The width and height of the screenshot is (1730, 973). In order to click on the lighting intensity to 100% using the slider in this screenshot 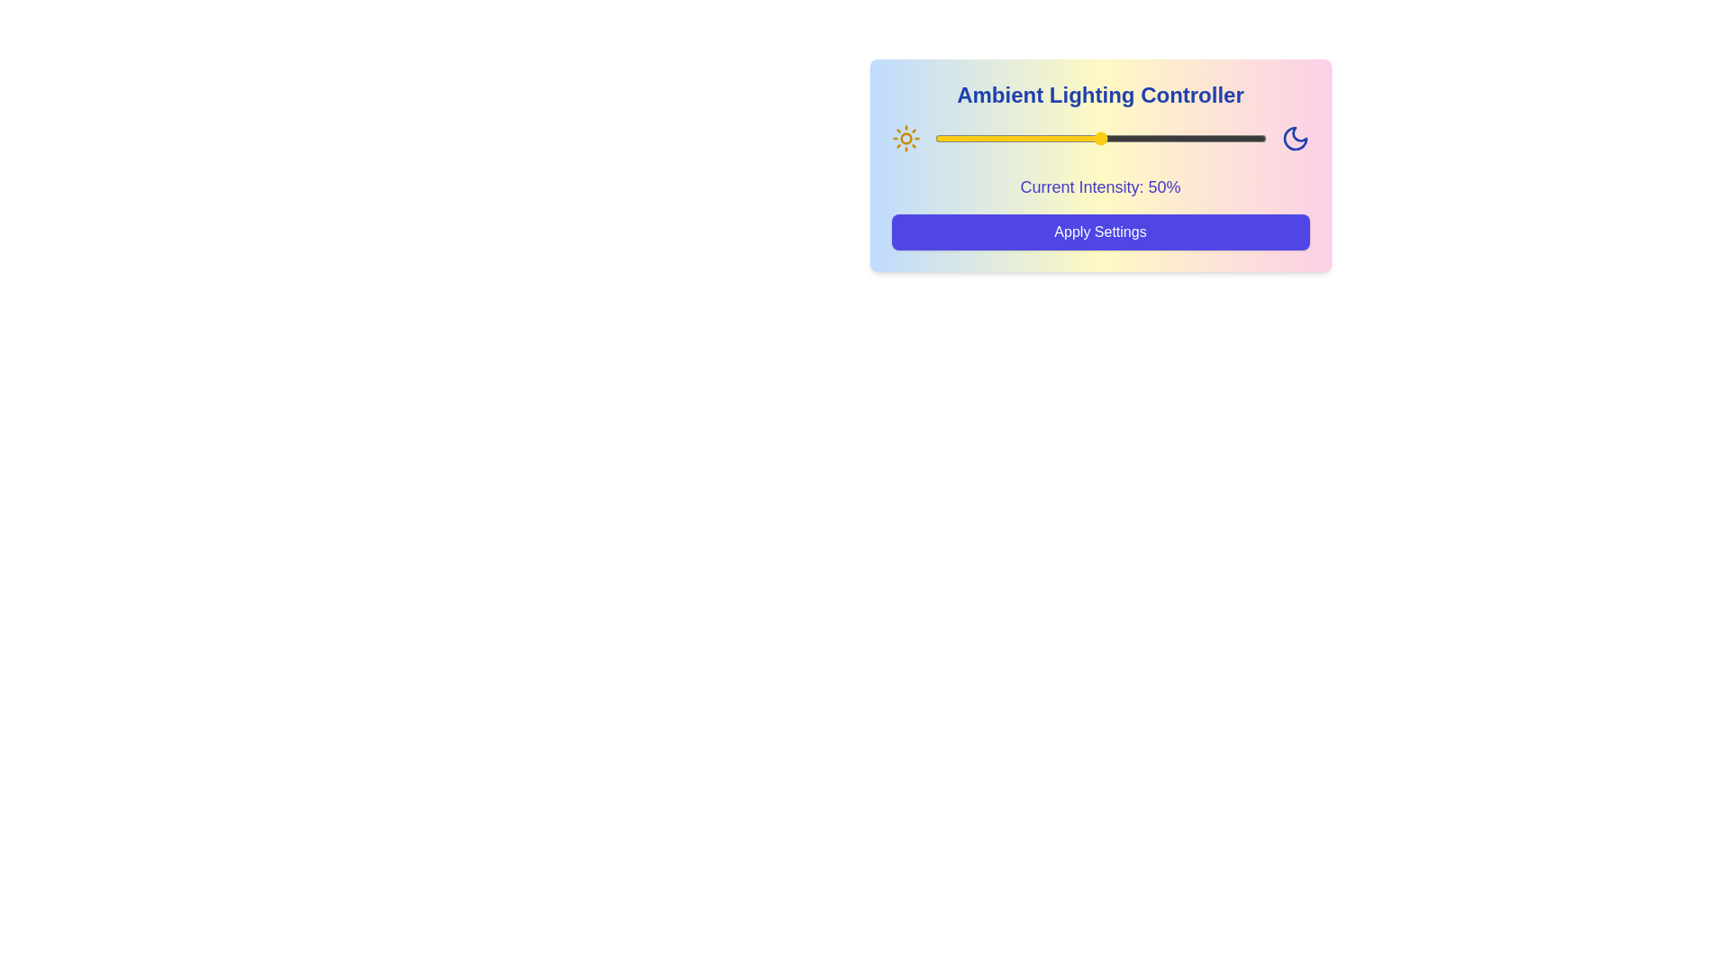, I will do `click(1265, 138)`.